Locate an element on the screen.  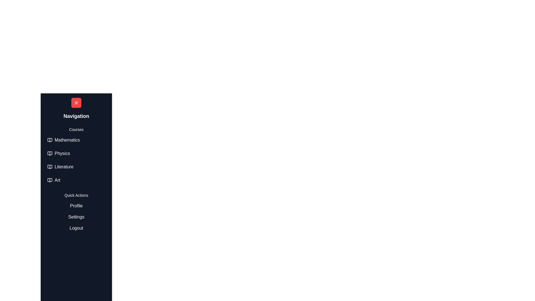
the 'Literature' navigation button is located at coordinates (76, 166).